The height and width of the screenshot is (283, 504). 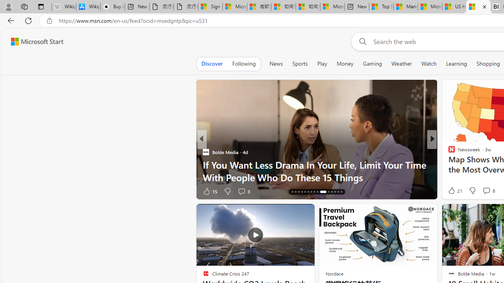 What do you see at coordinates (301, 192) in the screenshot?
I see `'AutomationID: tab-19'` at bounding box center [301, 192].